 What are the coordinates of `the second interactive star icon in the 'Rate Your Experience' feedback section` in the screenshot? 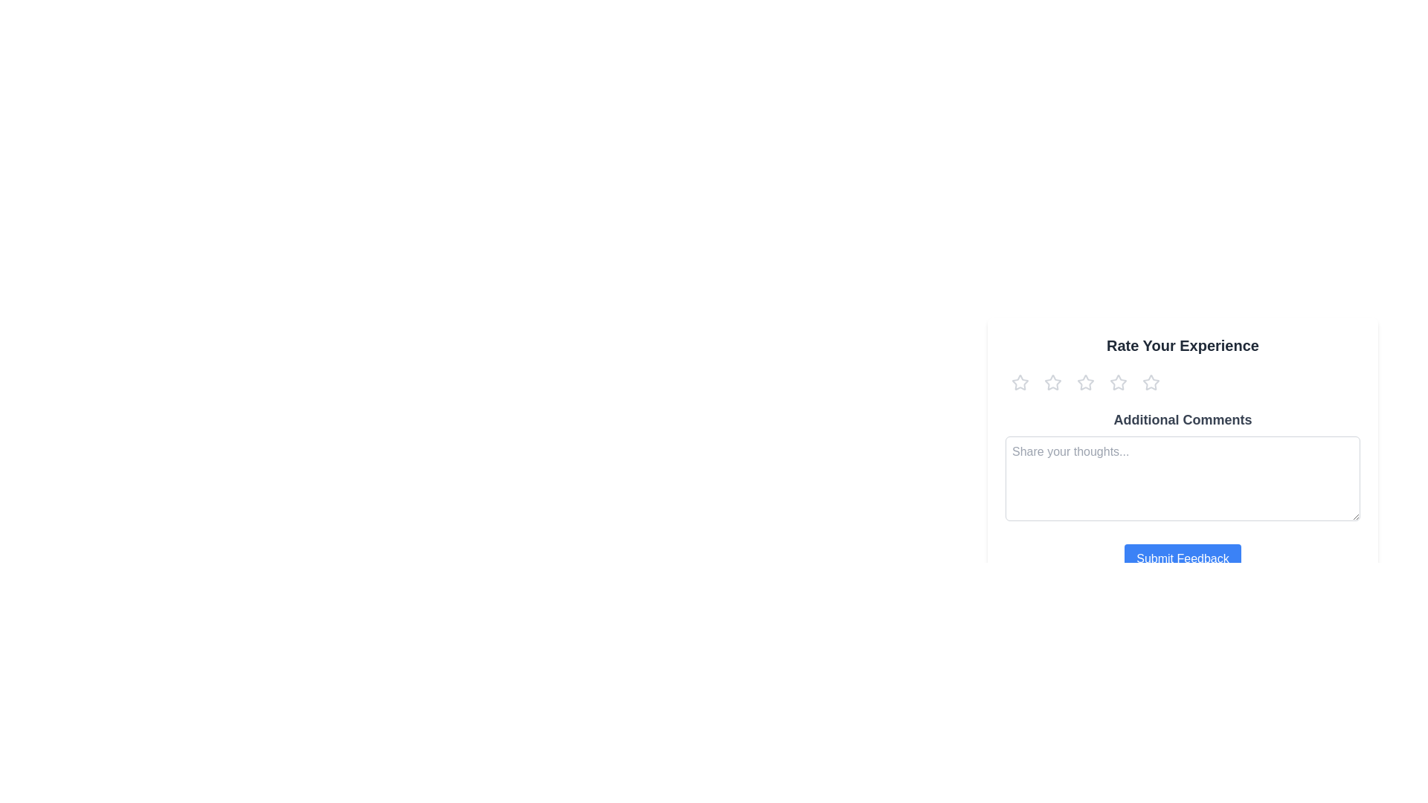 It's located at (1052, 382).